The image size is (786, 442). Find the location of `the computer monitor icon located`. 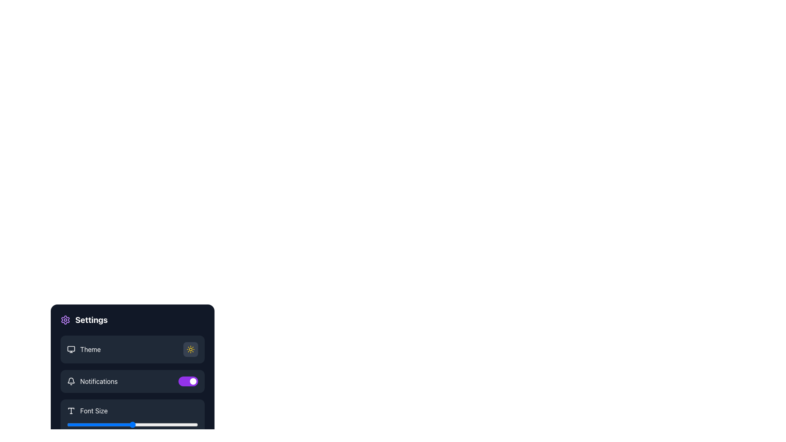

the computer monitor icon located is located at coordinates (71, 349).